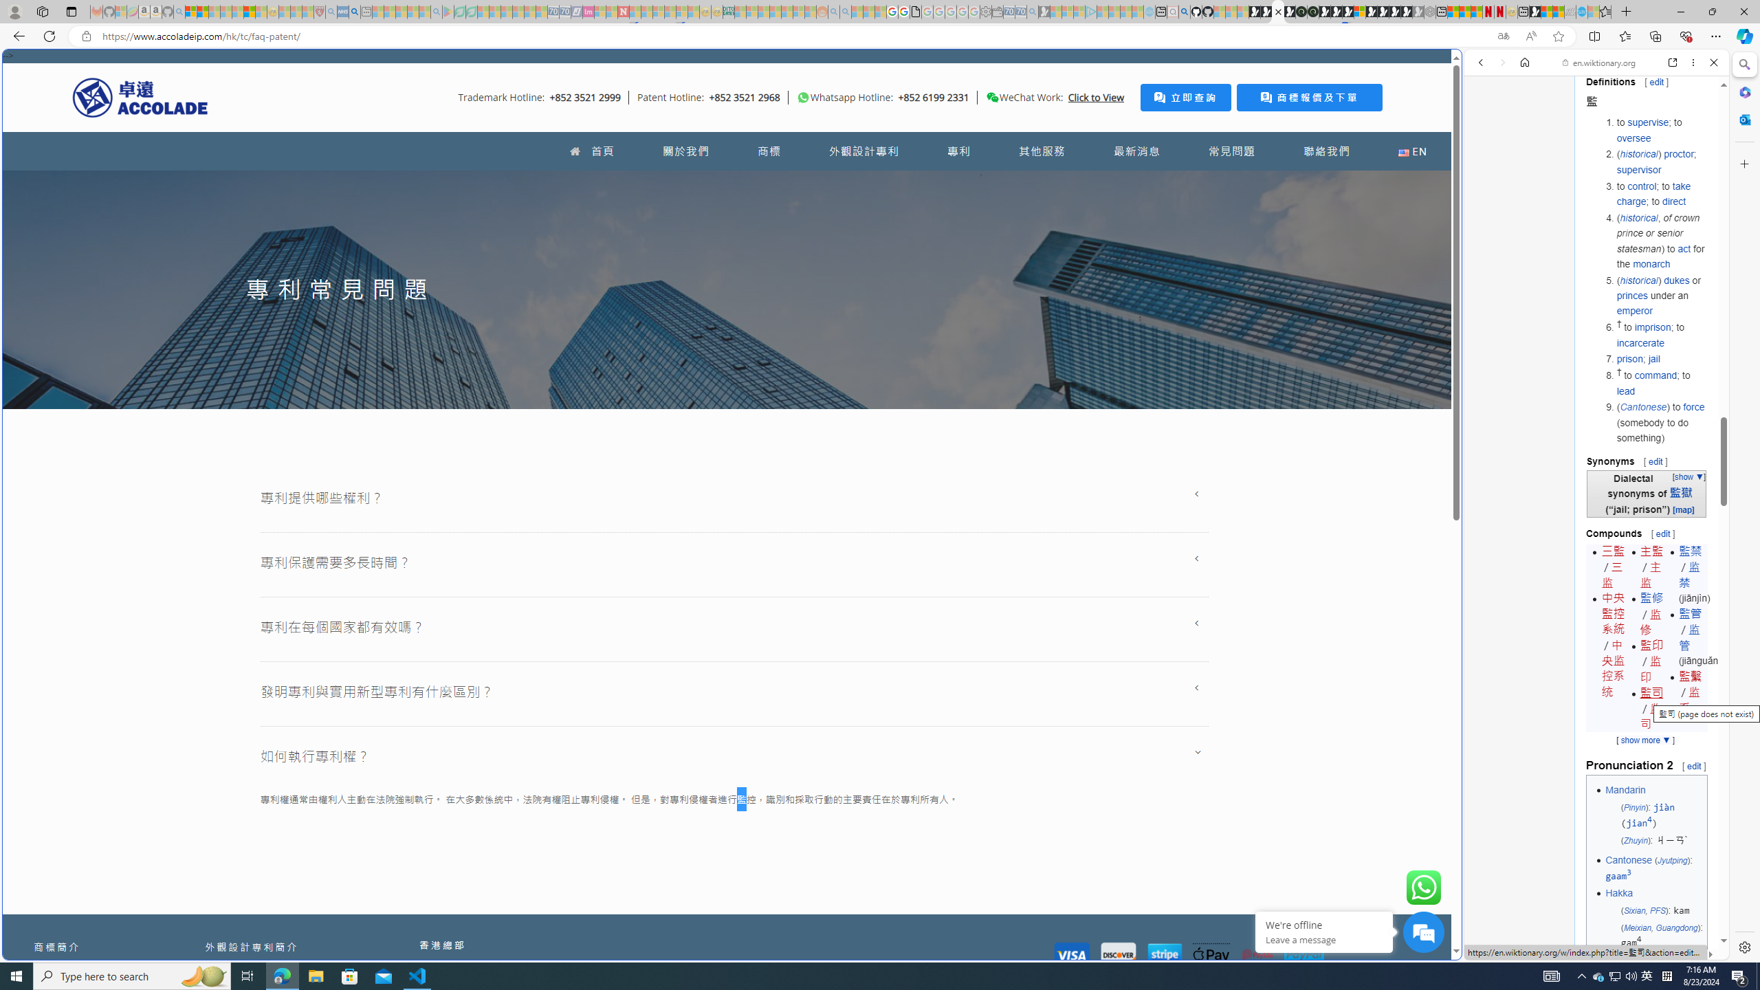 The height and width of the screenshot is (990, 1760). What do you see at coordinates (1558, 11) in the screenshot?
I see `'Earth has six continents not seven, radical new study claims'` at bounding box center [1558, 11].